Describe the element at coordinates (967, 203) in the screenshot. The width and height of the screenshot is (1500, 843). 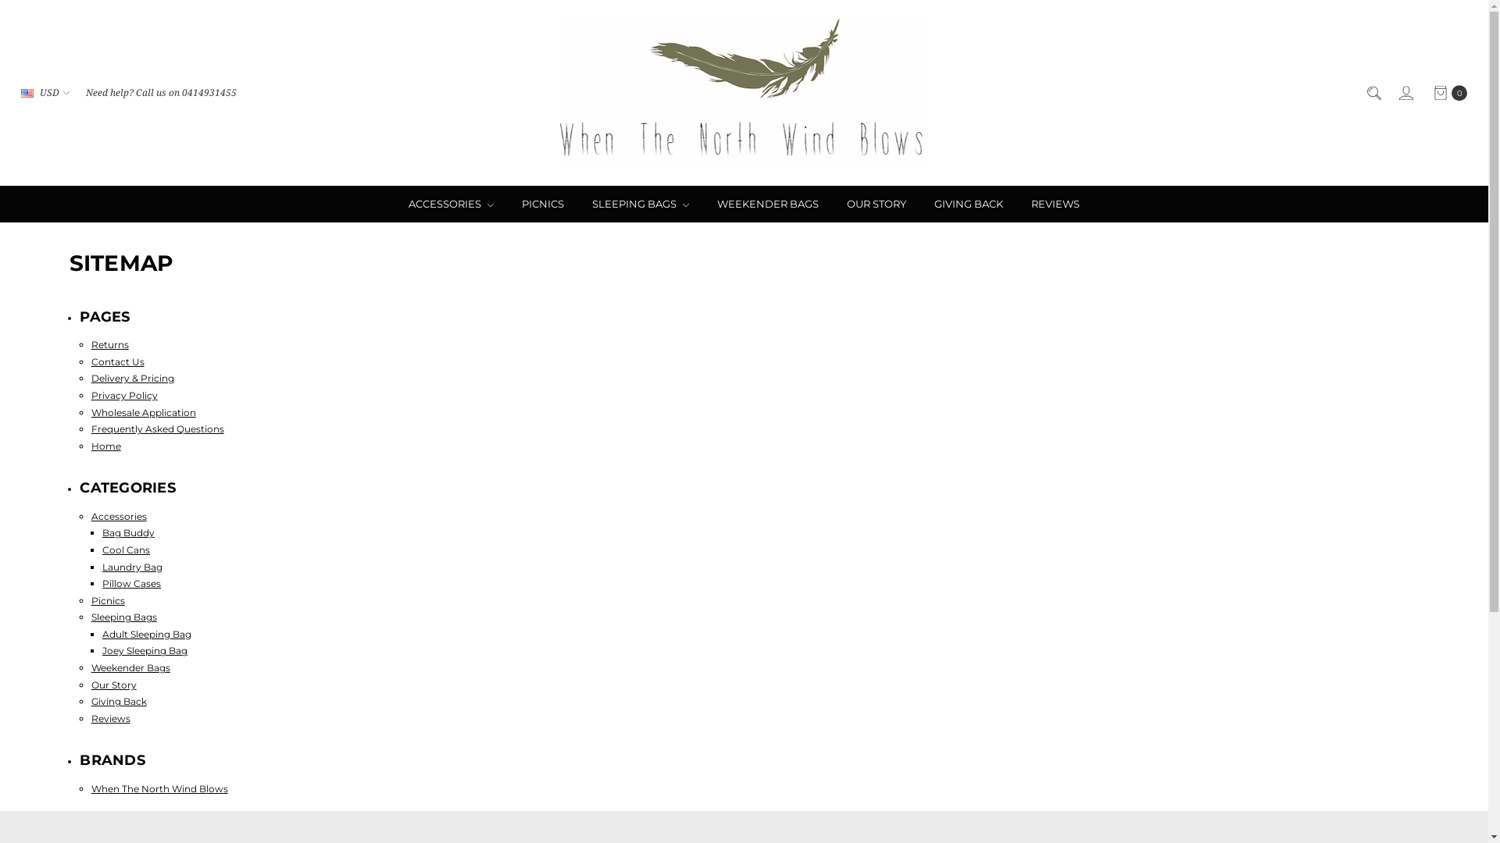
I see `'GIVING BACK'` at that location.